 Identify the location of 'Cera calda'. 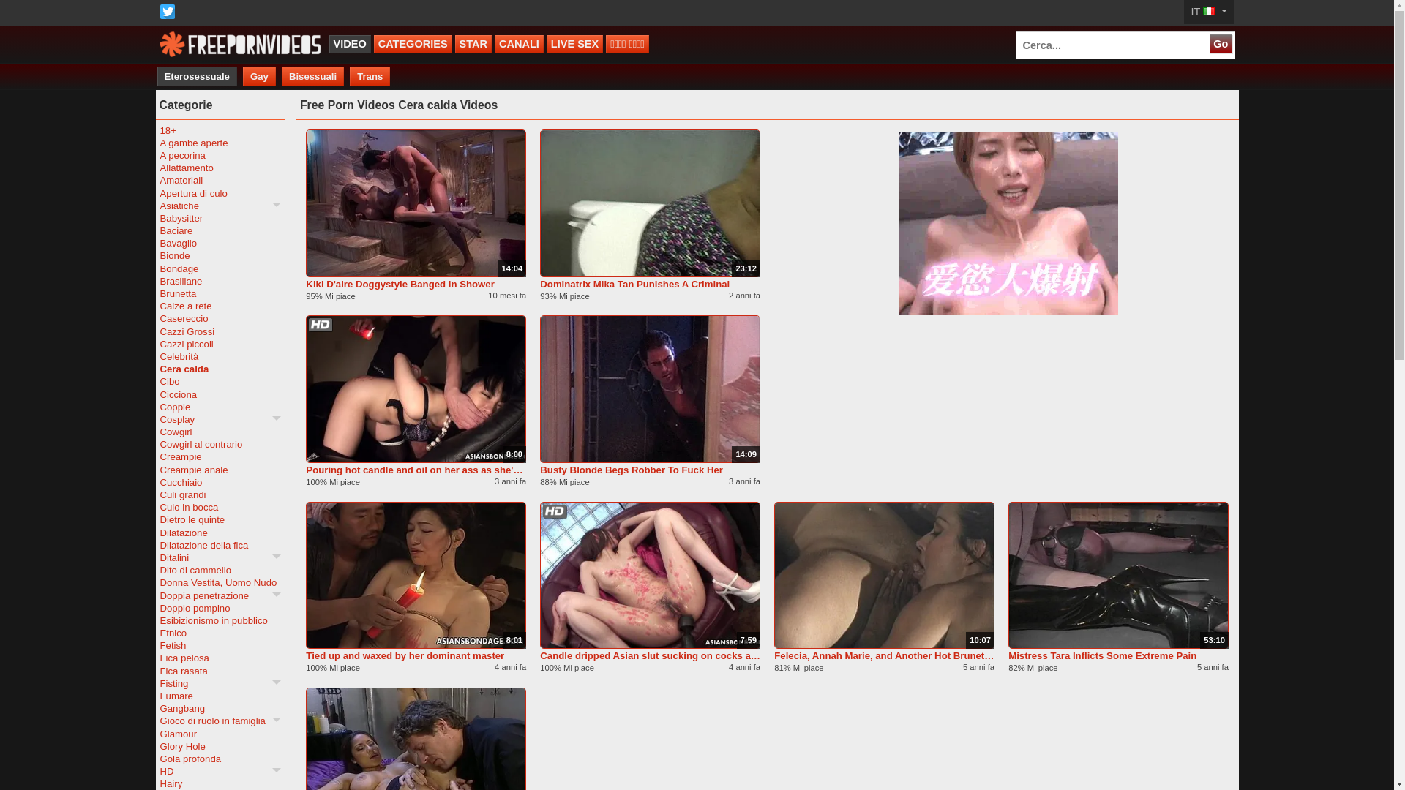
(220, 368).